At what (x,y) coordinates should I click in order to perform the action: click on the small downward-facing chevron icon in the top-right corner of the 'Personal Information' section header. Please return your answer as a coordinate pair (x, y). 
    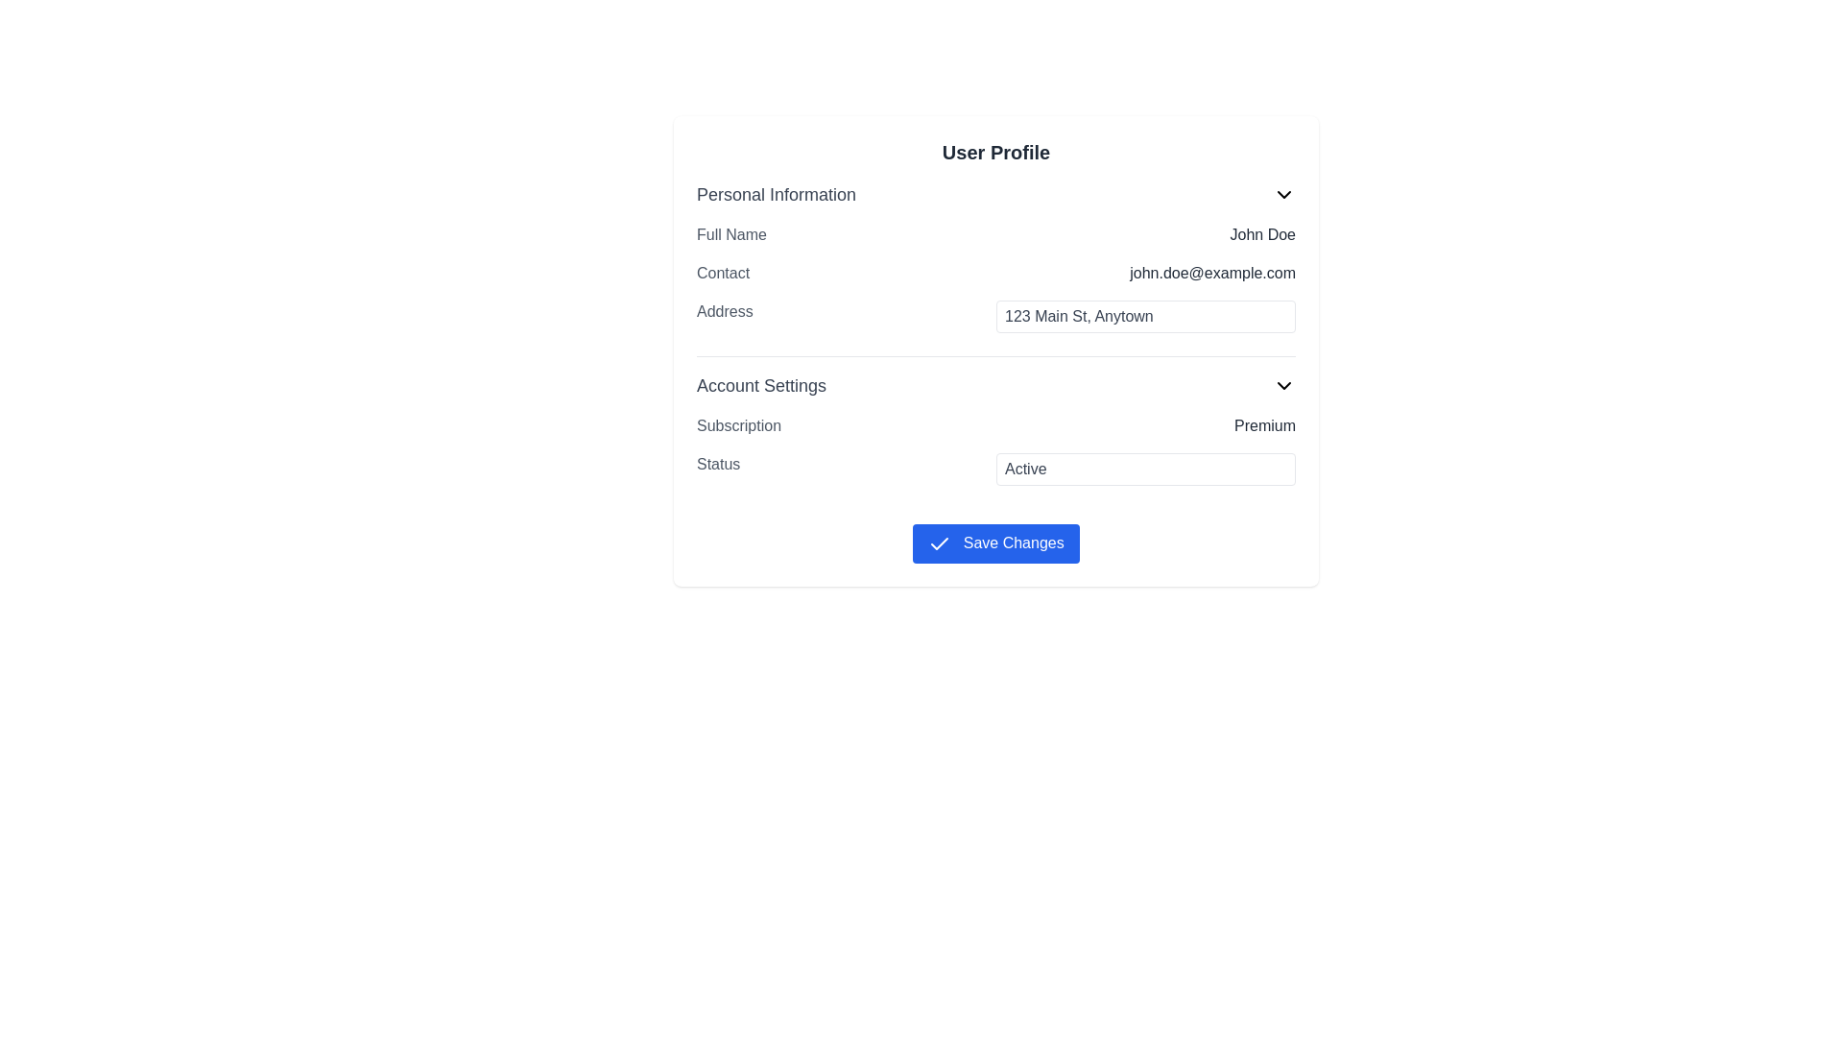
    Looking at the image, I should click on (1284, 195).